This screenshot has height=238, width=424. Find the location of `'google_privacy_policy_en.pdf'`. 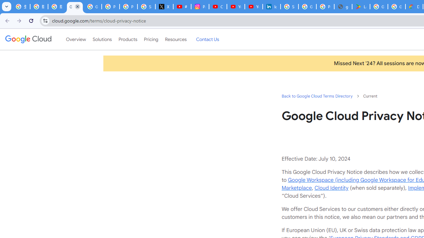

'google_privacy_policy_en.pdf' is located at coordinates (343, 7).